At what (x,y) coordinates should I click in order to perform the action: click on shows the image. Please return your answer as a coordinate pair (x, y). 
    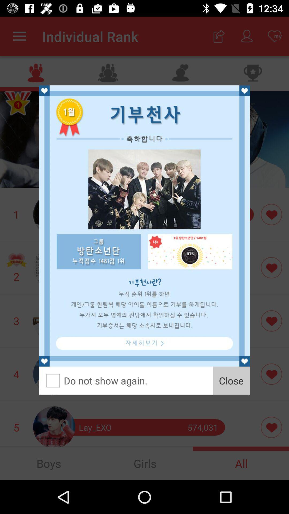
    Looking at the image, I should click on (144, 226).